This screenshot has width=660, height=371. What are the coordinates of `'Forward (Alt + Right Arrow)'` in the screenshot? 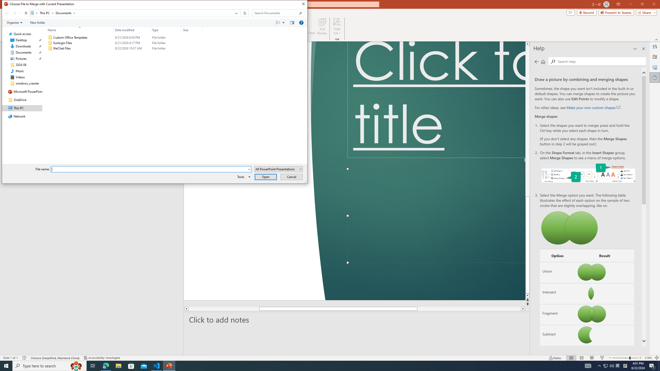 It's located at (14, 13).